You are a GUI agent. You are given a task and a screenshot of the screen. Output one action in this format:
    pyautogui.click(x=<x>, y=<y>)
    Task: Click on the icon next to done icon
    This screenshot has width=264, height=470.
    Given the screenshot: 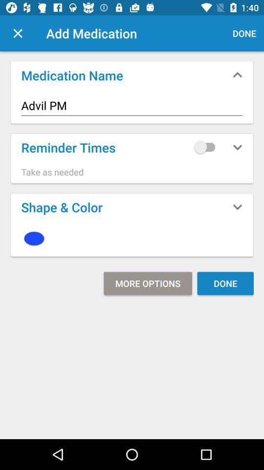 What is the action you would take?
    pyautogui.click(x=147, y=283)
    